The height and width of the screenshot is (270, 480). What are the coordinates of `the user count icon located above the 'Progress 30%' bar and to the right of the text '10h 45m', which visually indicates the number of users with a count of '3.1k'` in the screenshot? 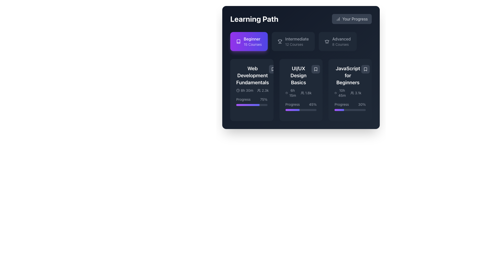 It's located at (352, 93).